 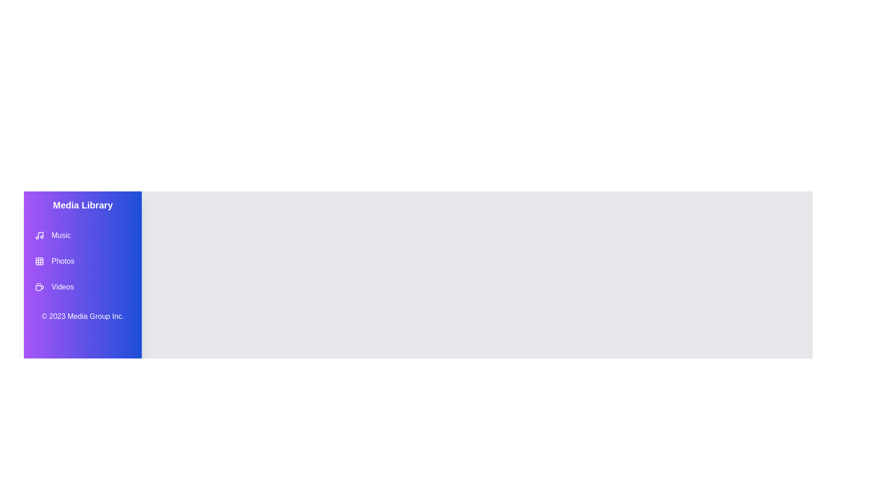 I want to click on the Photos category to navigate to it, so click(x=83, y=261).